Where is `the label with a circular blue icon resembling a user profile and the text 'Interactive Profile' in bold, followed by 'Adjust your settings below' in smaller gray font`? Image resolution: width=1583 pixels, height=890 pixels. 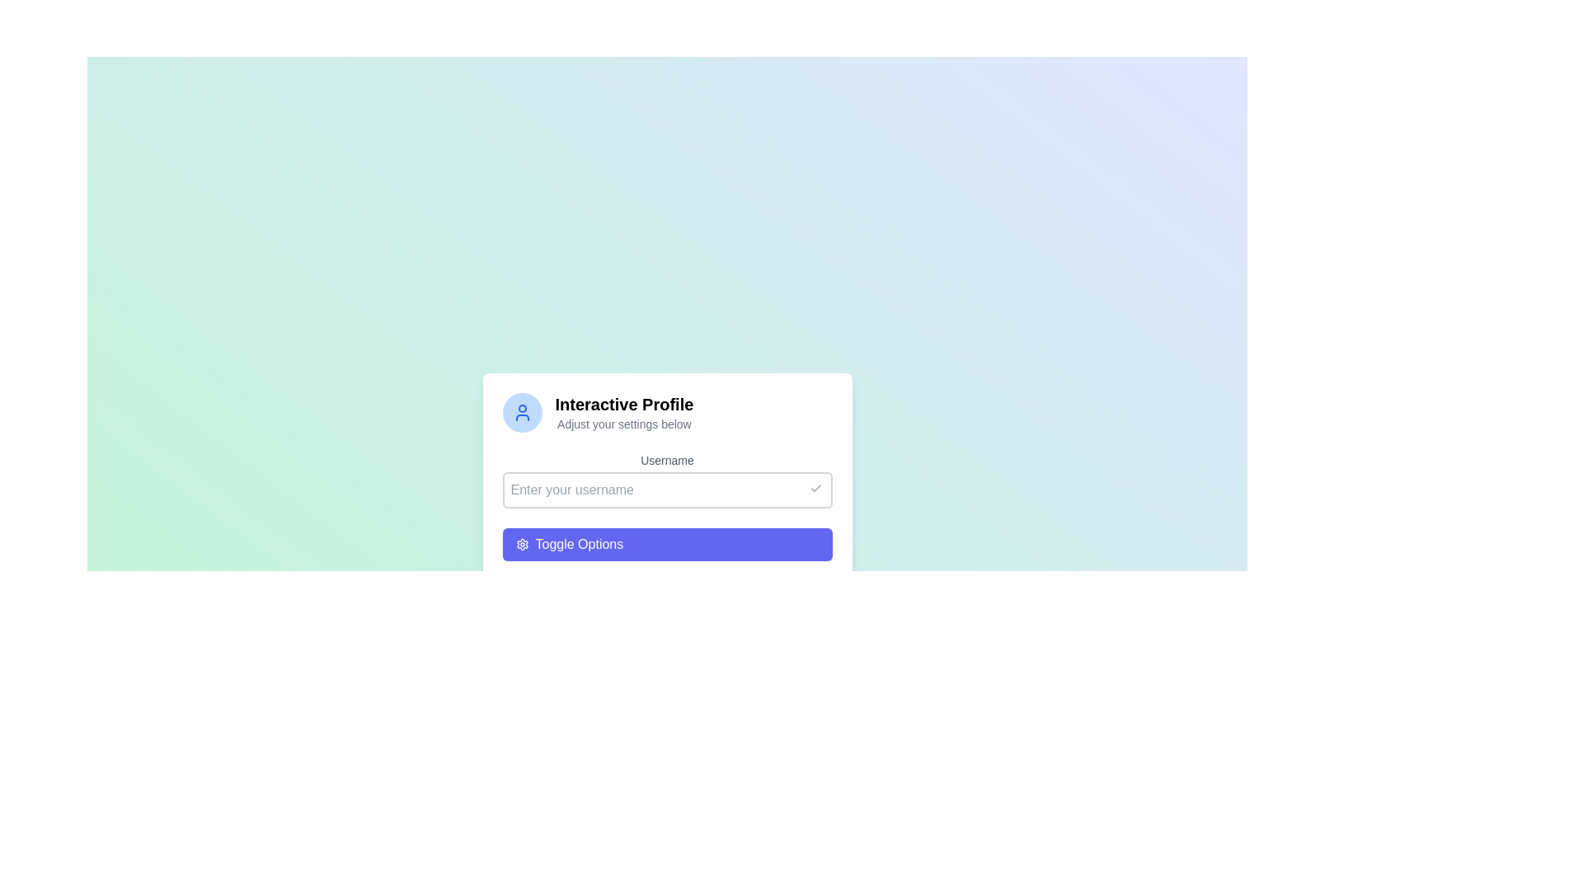 the label with a circular blue icon resembling a user profile and the text 'Interactive Profile' in bold, followed by 'Adjust your settings below' in smaller gray font is located at coordinates (667, 412).